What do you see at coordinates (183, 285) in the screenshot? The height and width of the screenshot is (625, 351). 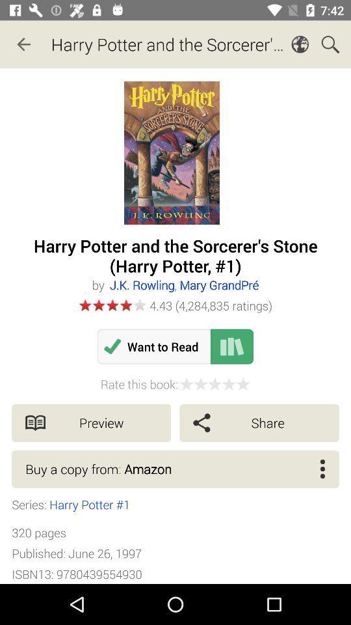 I see `the item below the harry potter and item` at bounding box center [183, 285].